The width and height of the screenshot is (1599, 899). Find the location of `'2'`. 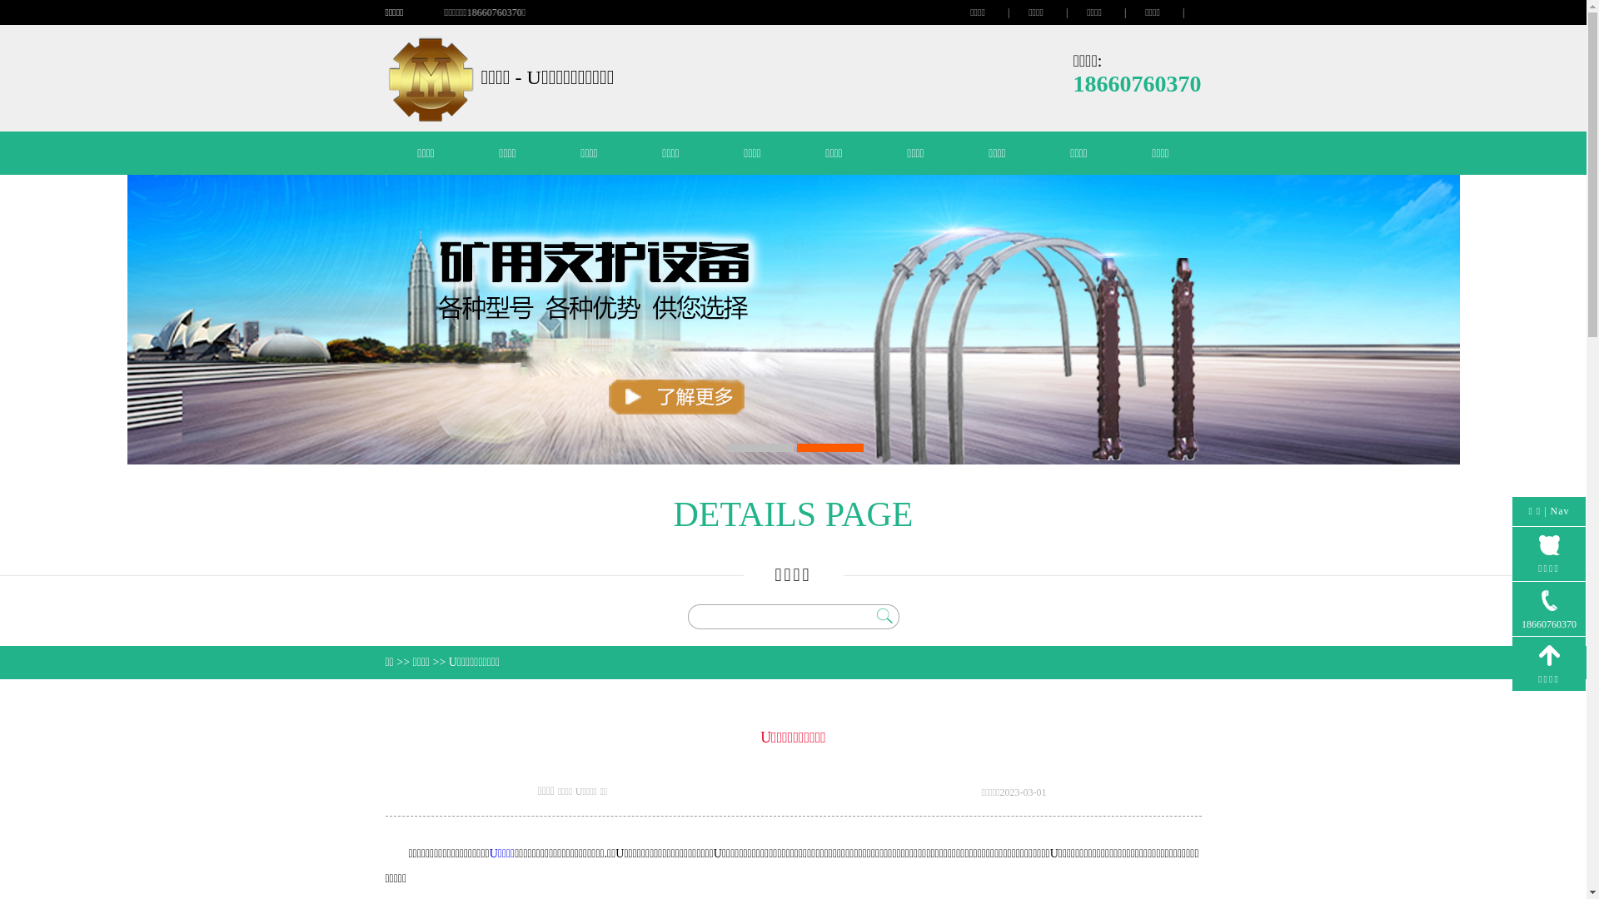

'2' is located at coordinates (829, 446).